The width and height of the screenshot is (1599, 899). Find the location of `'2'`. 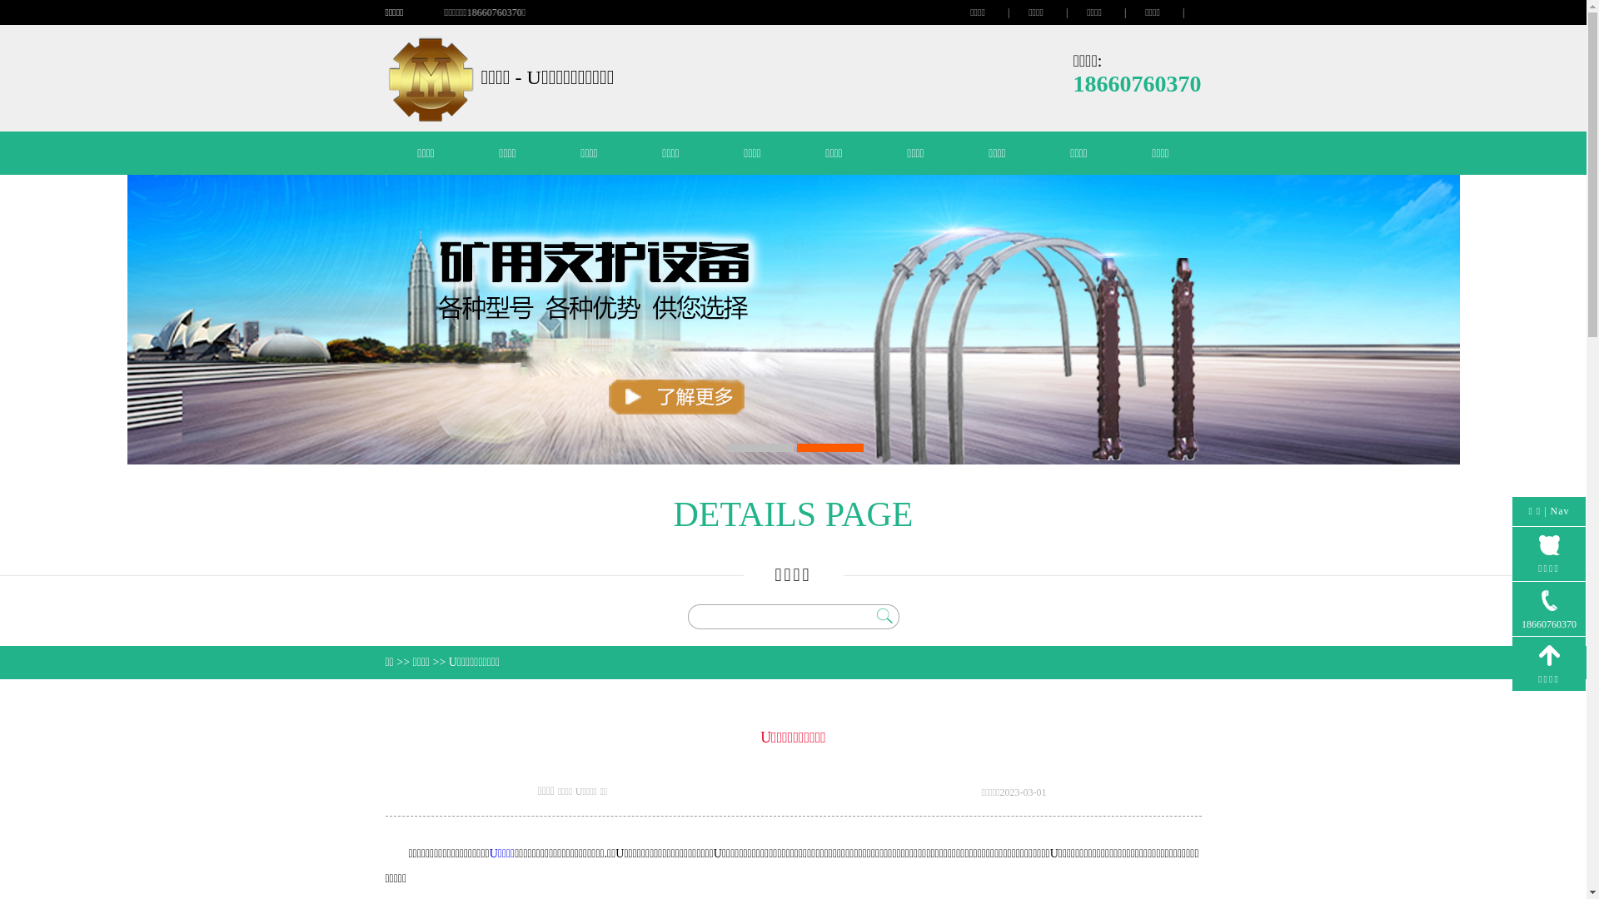

'2' is located at coordinates (829, 446).